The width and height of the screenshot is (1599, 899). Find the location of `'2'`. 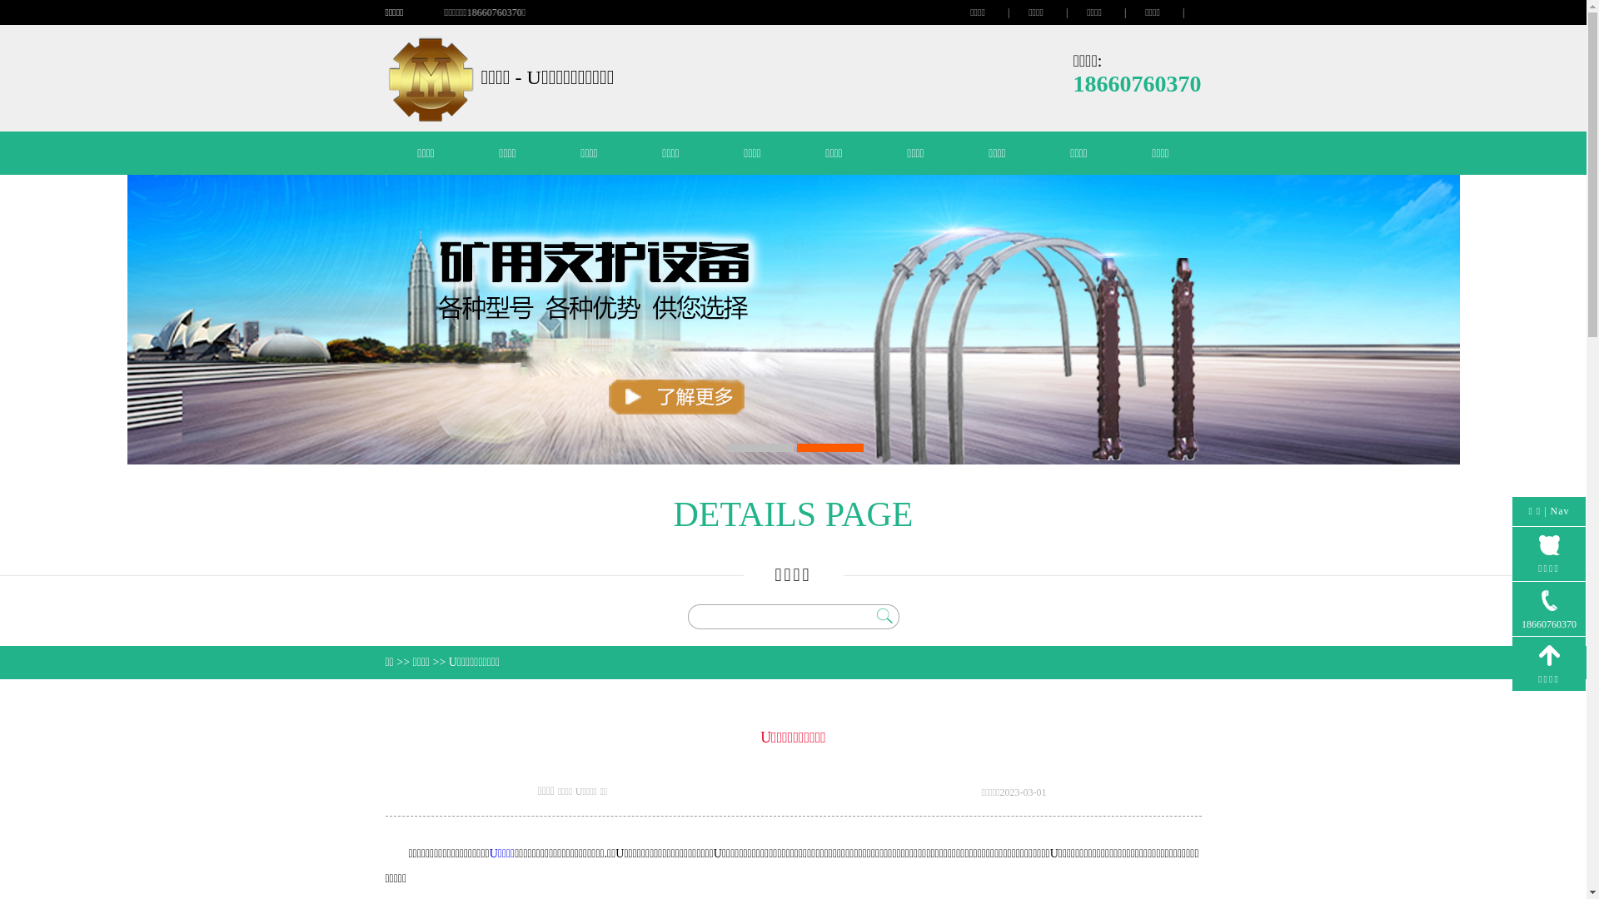

'2' is located at coordinates (829, 446).